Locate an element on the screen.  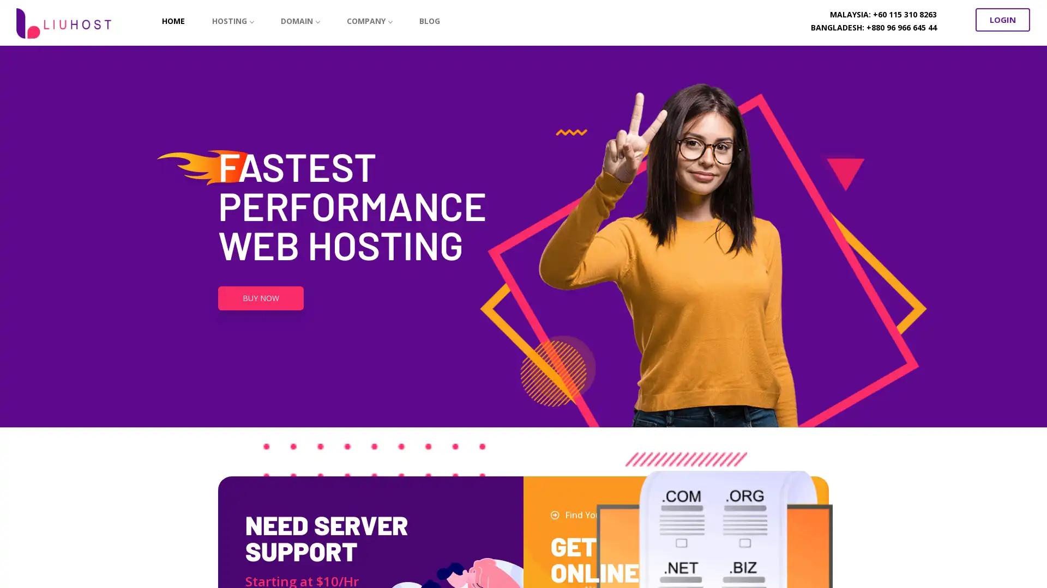
Find Your Domain is located at coordinates (594, 514).